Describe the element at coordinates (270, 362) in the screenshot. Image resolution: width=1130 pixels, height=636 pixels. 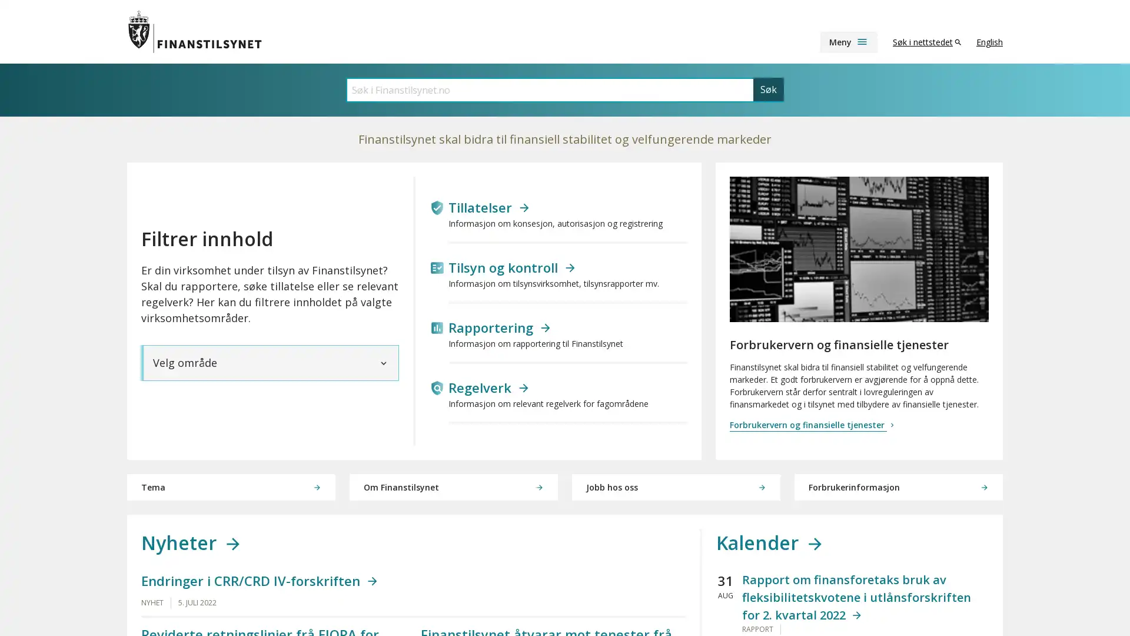
I see `Velg omrade` at that location.